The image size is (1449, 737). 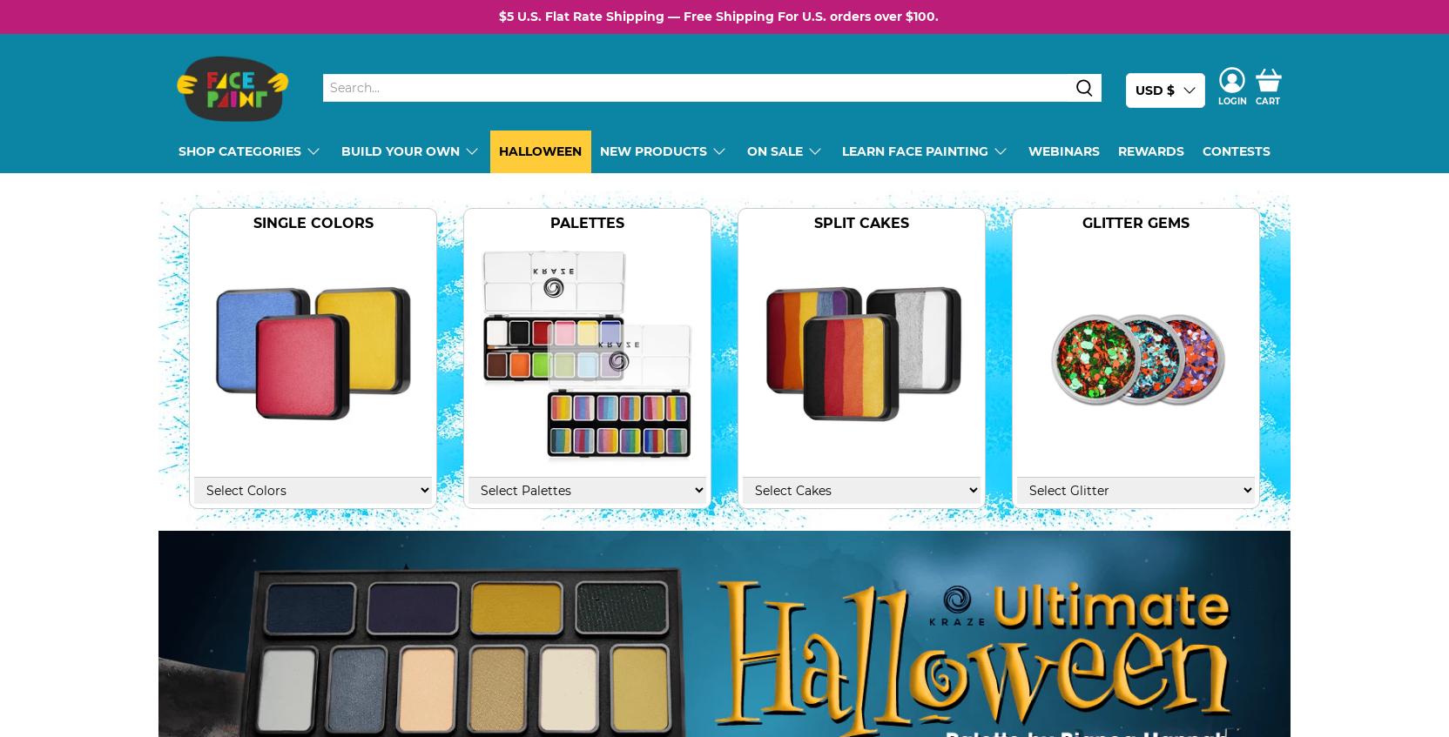 I want to click on 'Palettes', so click(x=587, y=221).